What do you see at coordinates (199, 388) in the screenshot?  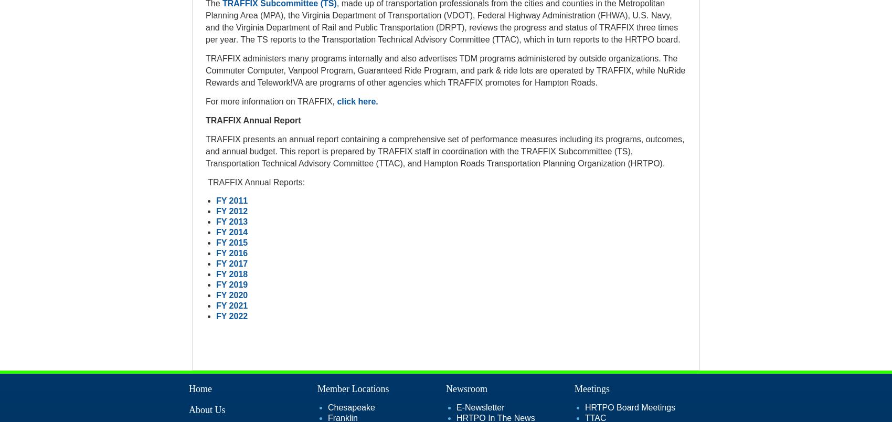 I see `'Home'` at bounding box center [199, 388].